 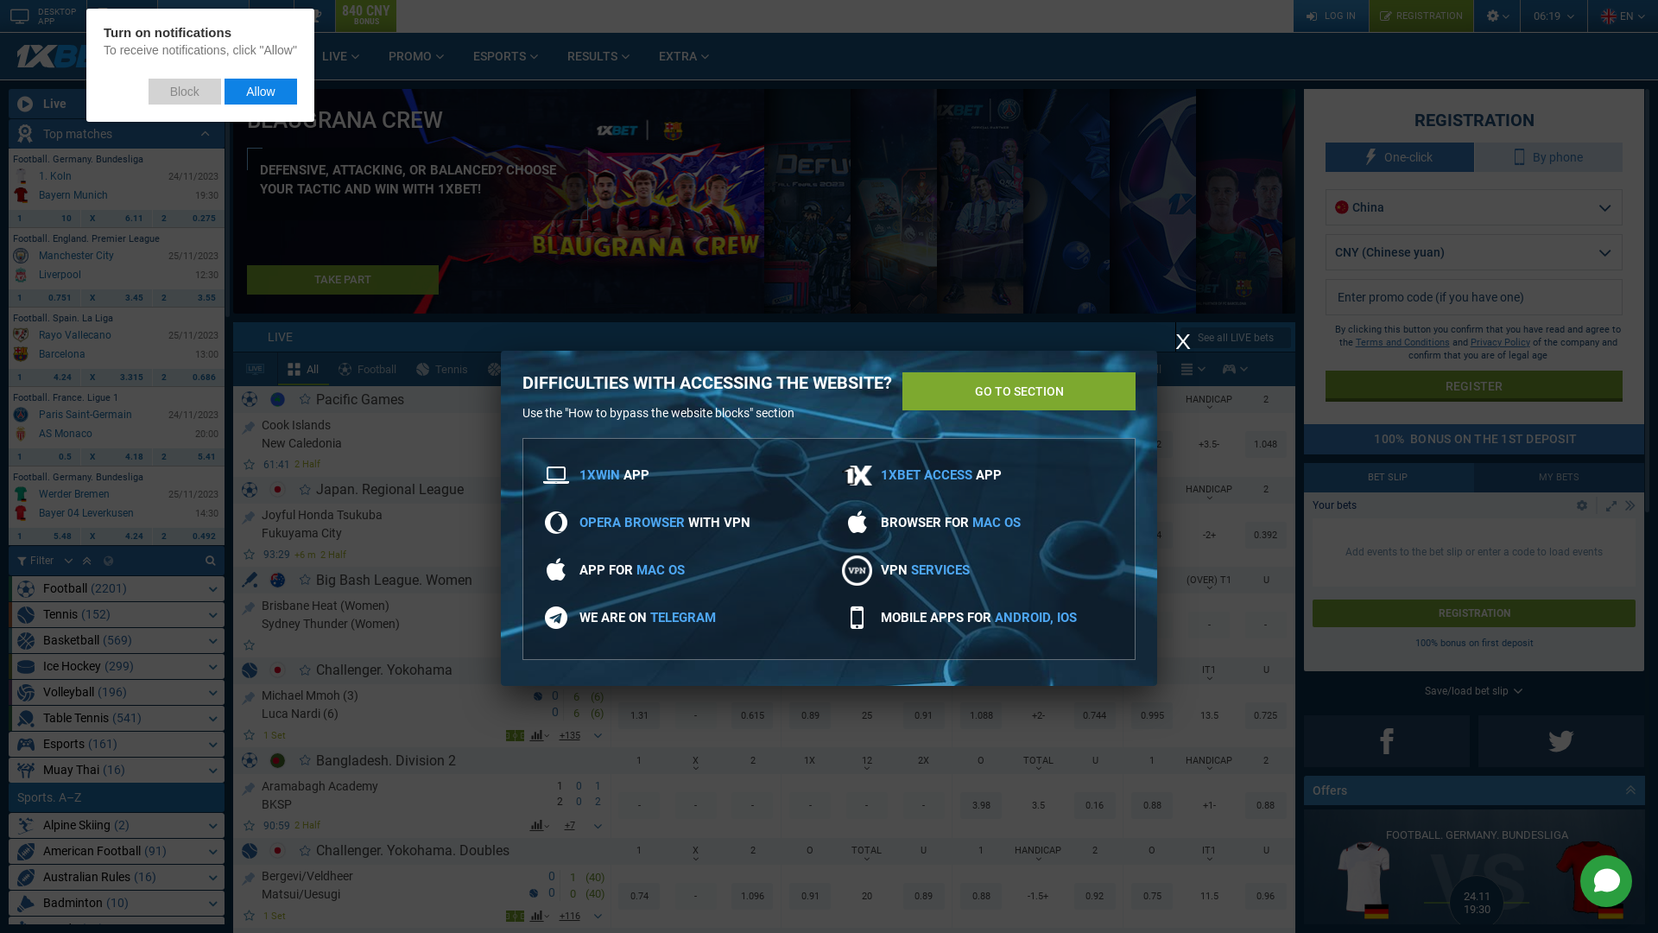 What do you see at coordinates (115, 850) in the screenshot?
I see `'American Football` at bounding box center [115, 850].